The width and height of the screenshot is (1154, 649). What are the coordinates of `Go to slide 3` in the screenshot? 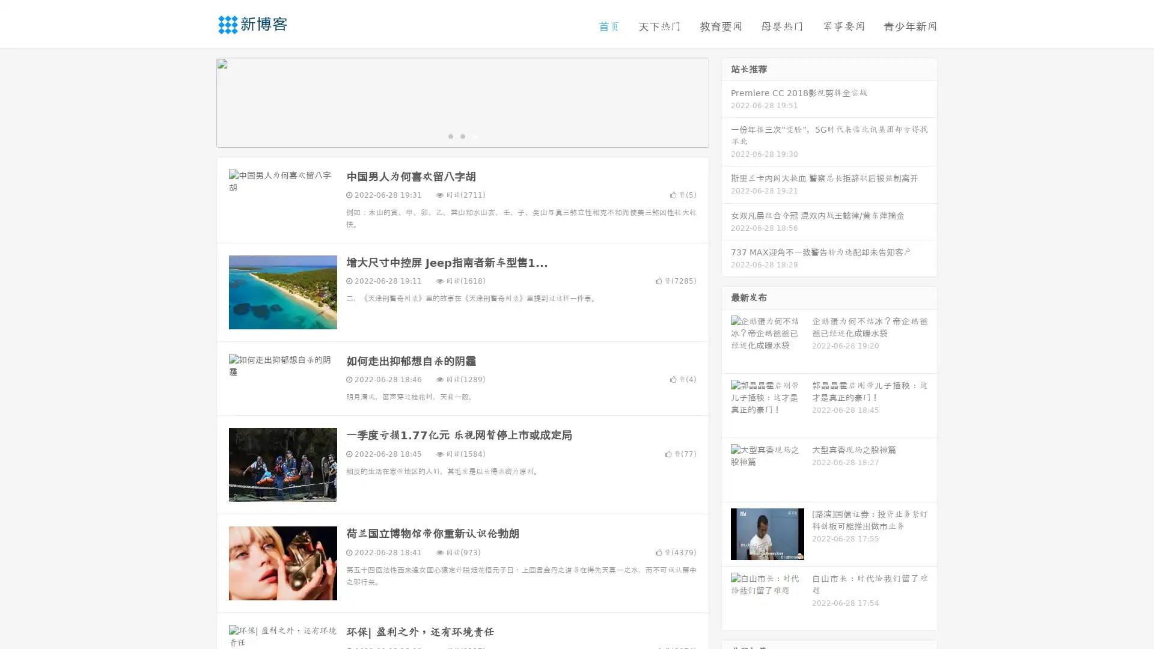 It's located at (474, 135).